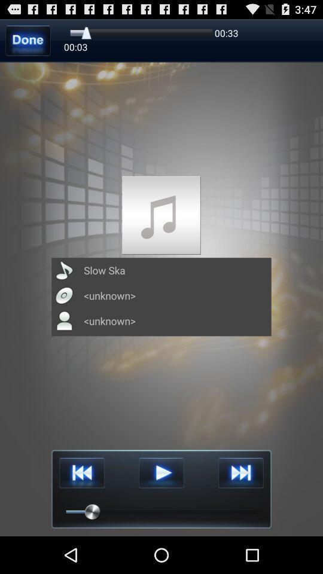  I want to click on the current song, so click(161, 473).